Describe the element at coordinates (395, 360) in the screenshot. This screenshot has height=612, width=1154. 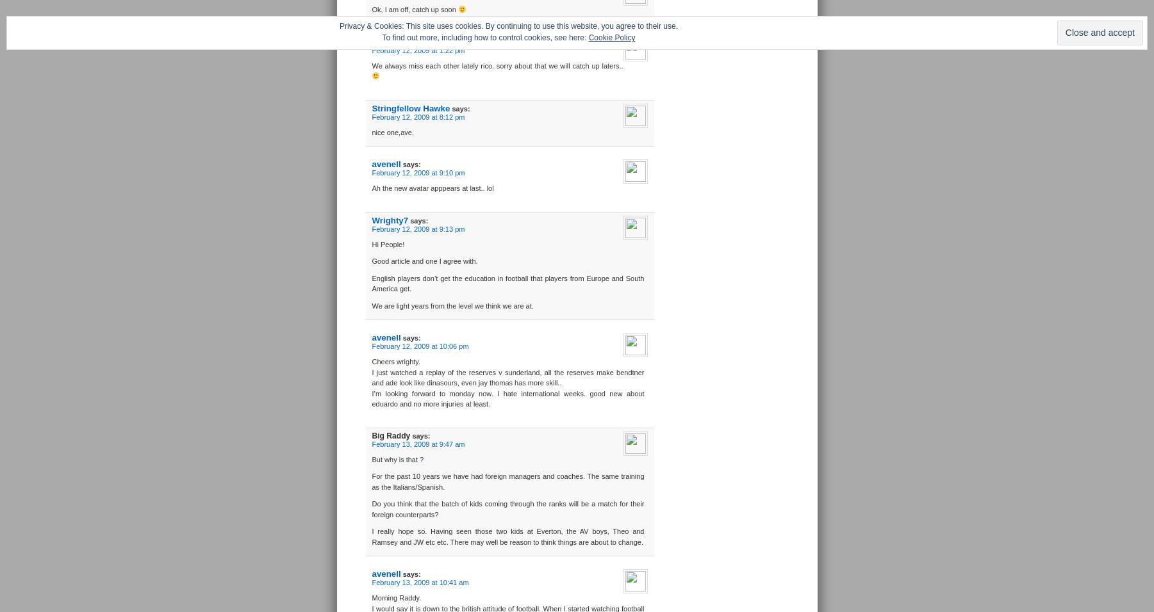
I see `'Cheers wrighty.'` at that location.